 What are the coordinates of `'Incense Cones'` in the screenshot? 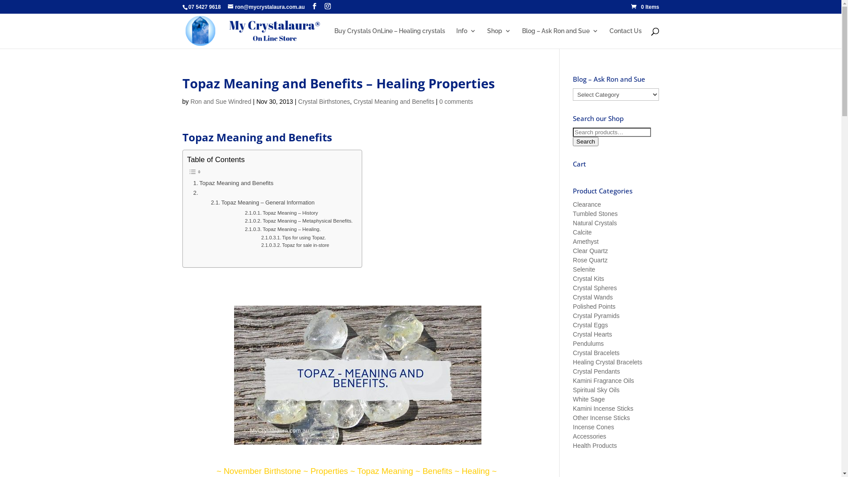 It's located at (593, 427).